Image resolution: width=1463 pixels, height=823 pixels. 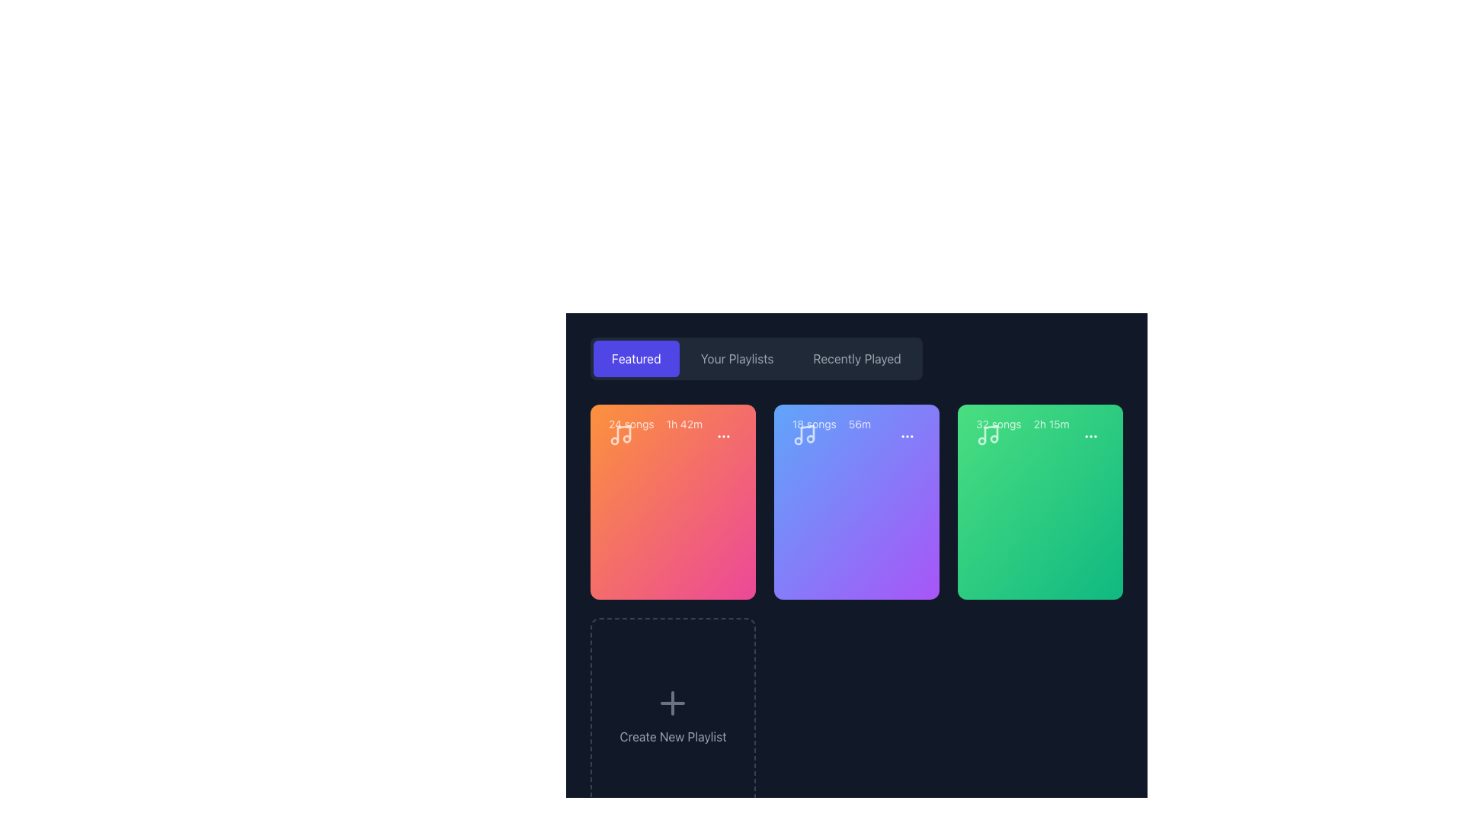 What do you see at coordinates (1090, 437) in the screenshot?
I see `the circular button with three dots in the top-right corner of the green playlist card` at bounding box center [1090, 437].